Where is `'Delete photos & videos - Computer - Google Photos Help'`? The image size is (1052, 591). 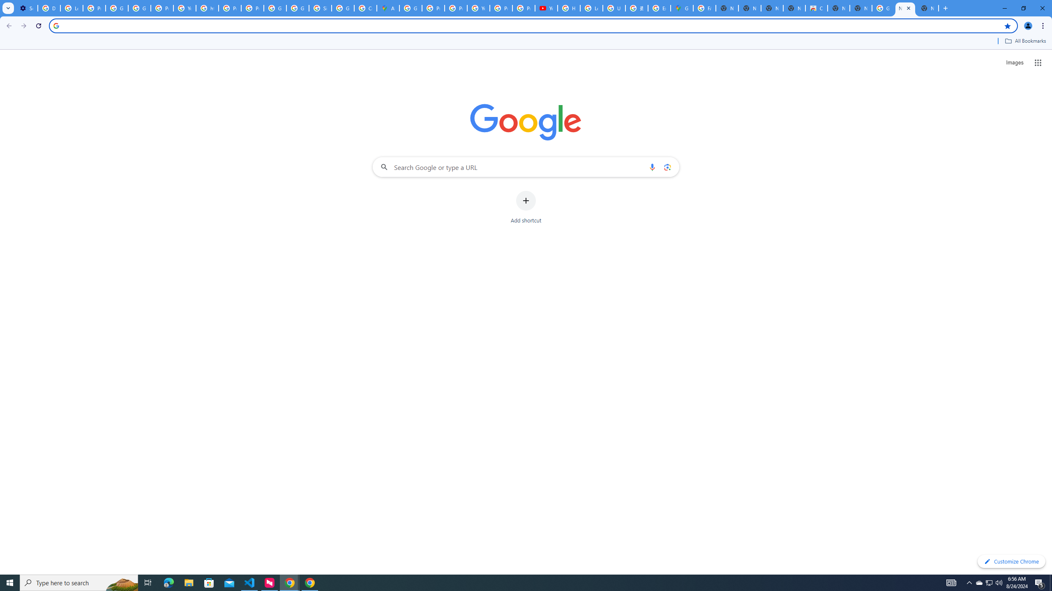 'Delete photos & videos - Computer - Google Photos Help' is located at coordinates (48, 8).